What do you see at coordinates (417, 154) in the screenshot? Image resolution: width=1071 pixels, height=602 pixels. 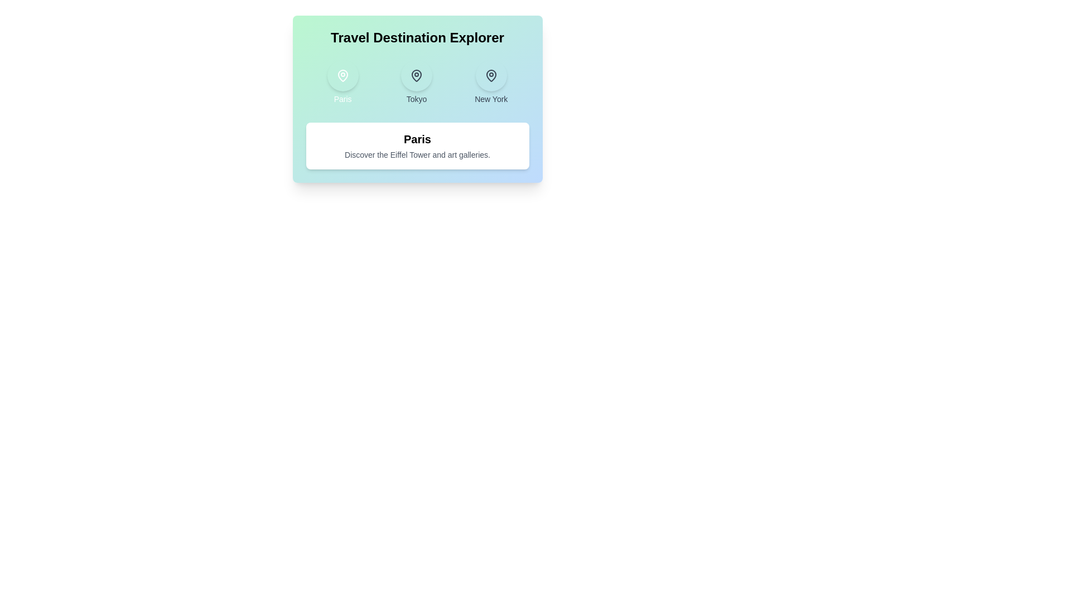 I see `the text label displaying 'Discover the Eiffel Tower and art galleries.' which is styled in a small, gray font and located below the larger text label 'Paris'` at bounding box center [417, 154].